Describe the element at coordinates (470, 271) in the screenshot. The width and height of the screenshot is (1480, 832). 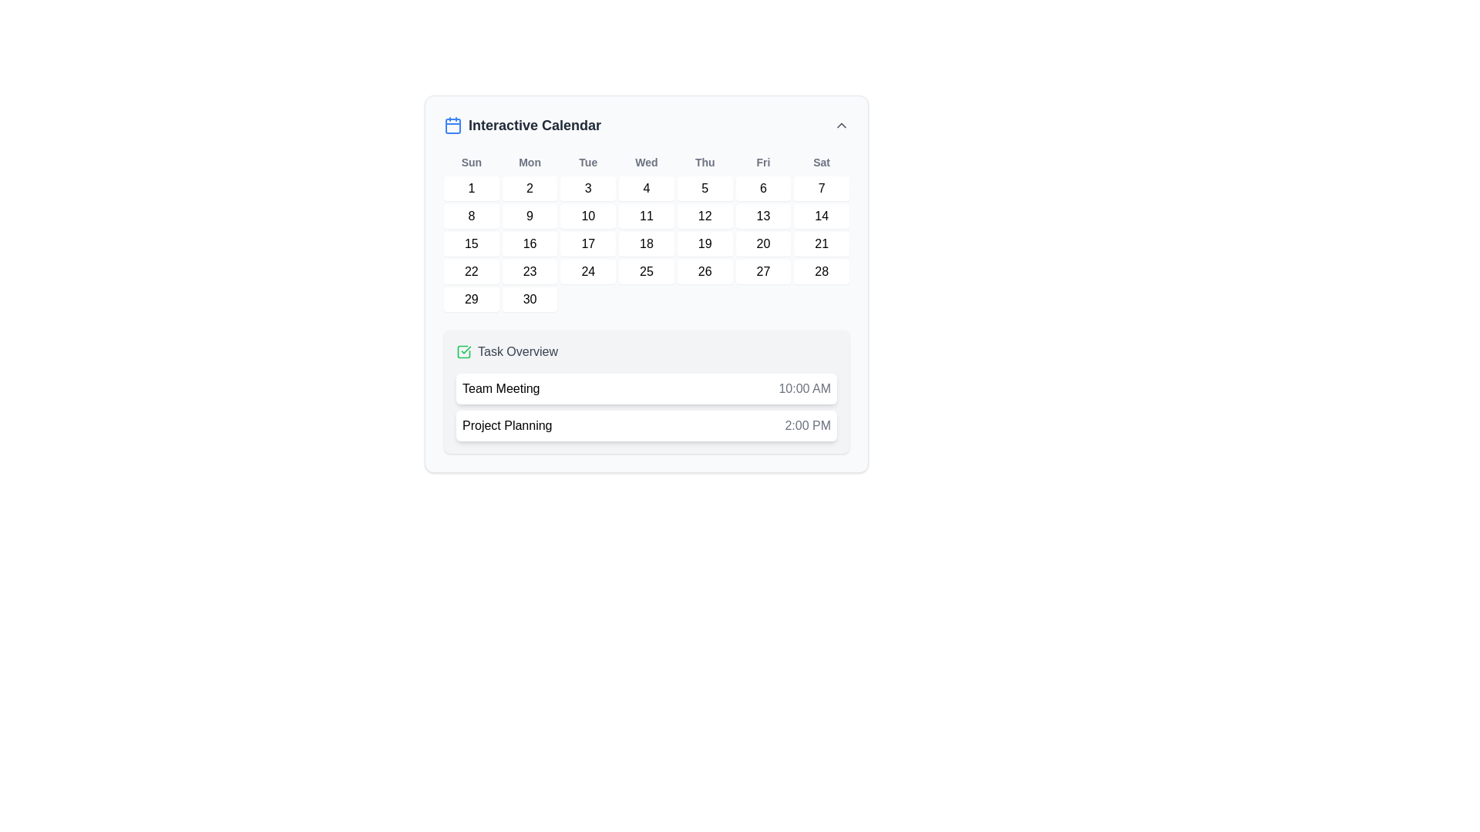
I see `the calendar date cell displaying the number '22'` at that location.